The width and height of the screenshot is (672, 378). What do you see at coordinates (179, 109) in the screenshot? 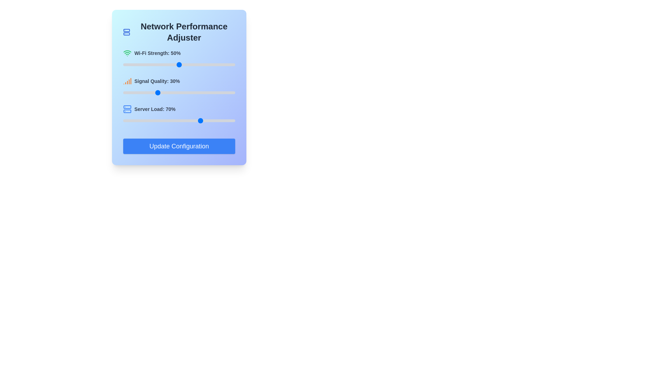
I see `the Text Label that indicates the current server load percentage, located between 'Signal Quality: 30%' and a horizontal slider control` at bounding box center [179, 109].